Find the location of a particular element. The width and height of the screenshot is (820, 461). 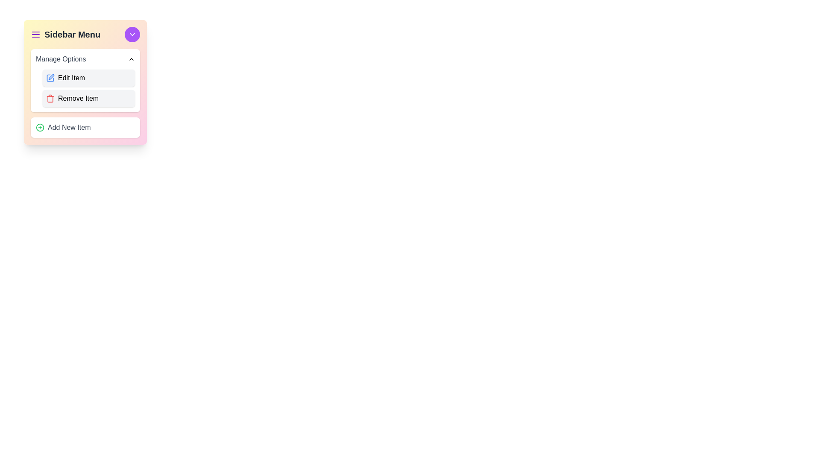

the section header text label located in the sidebar menu, which is accompanied by a downward-pointing chevron icon and positioned above the 'Edit Item' and 'Remove Item' options is located at coordinates (60, 58).